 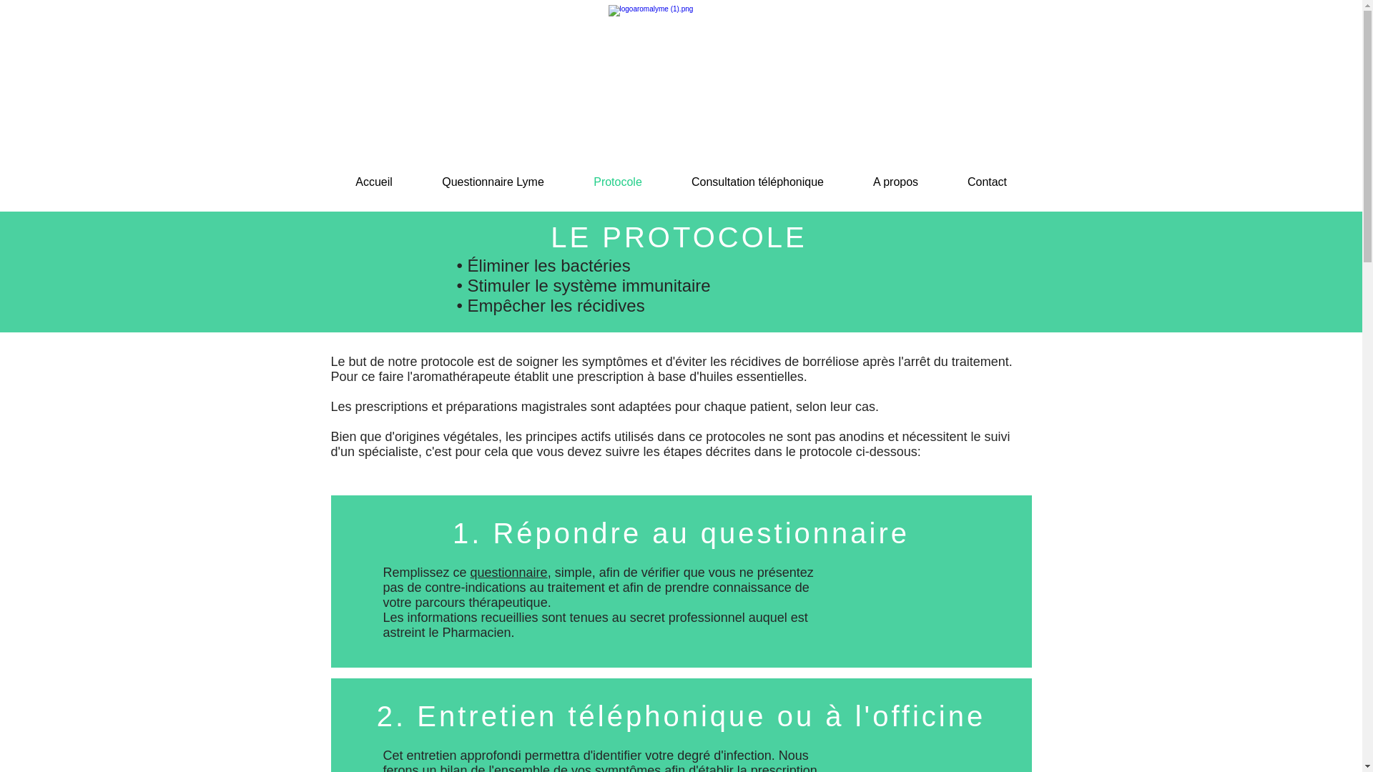 I want to click on 'Questionnaire Lyme', so click(x=493, y=181).